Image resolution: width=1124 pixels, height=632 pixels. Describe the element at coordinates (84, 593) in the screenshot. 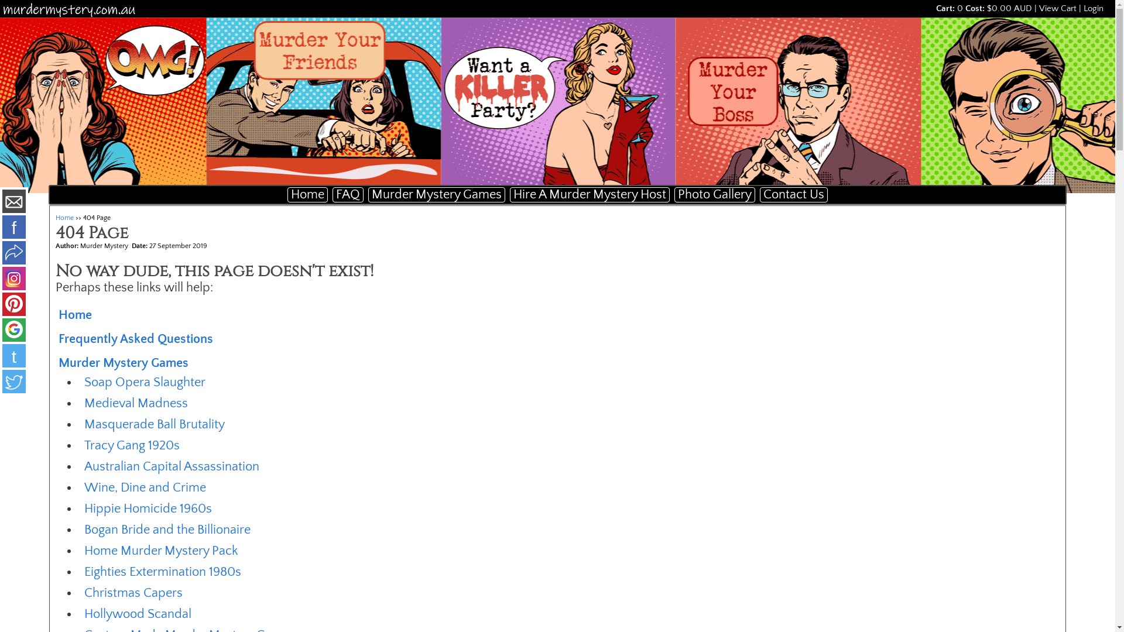

I see `'Christmas Capers'` at that location.